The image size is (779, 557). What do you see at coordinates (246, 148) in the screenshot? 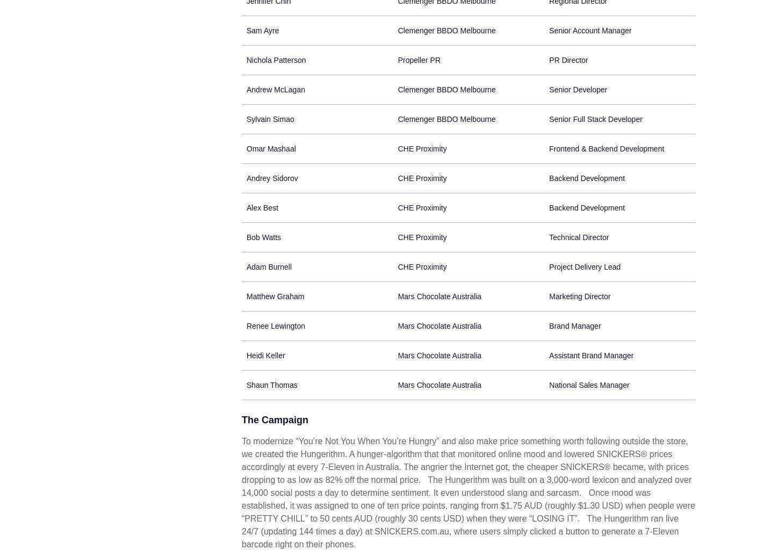
I see `'Omar Mashaal'` at bounding box center [246, 148].